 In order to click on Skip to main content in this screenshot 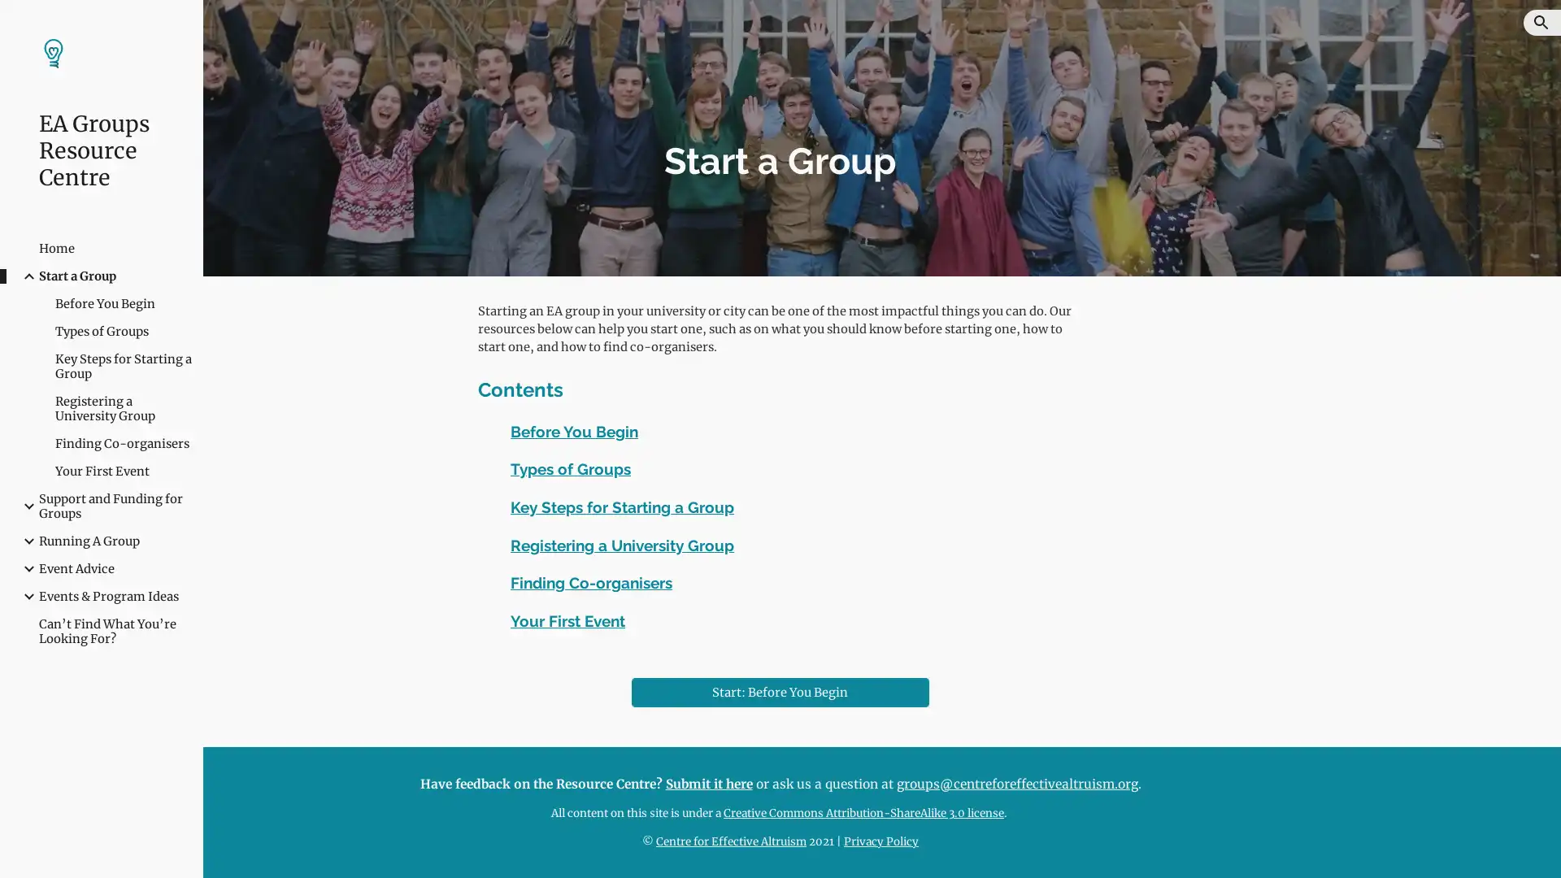, I will do `click(640, 30)`.